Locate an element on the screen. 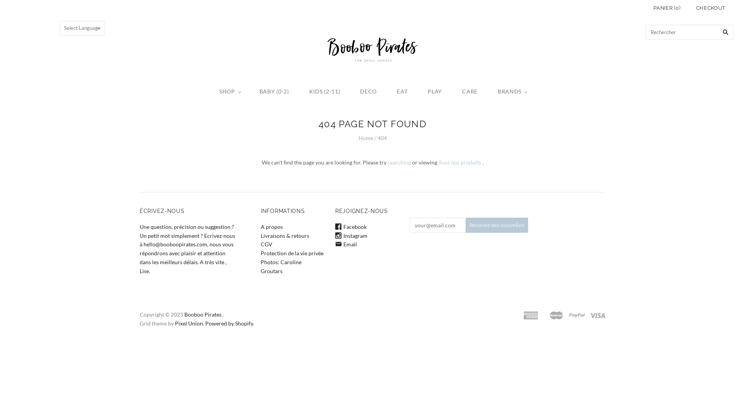  'CGV' is located at coordinates (261, 244).